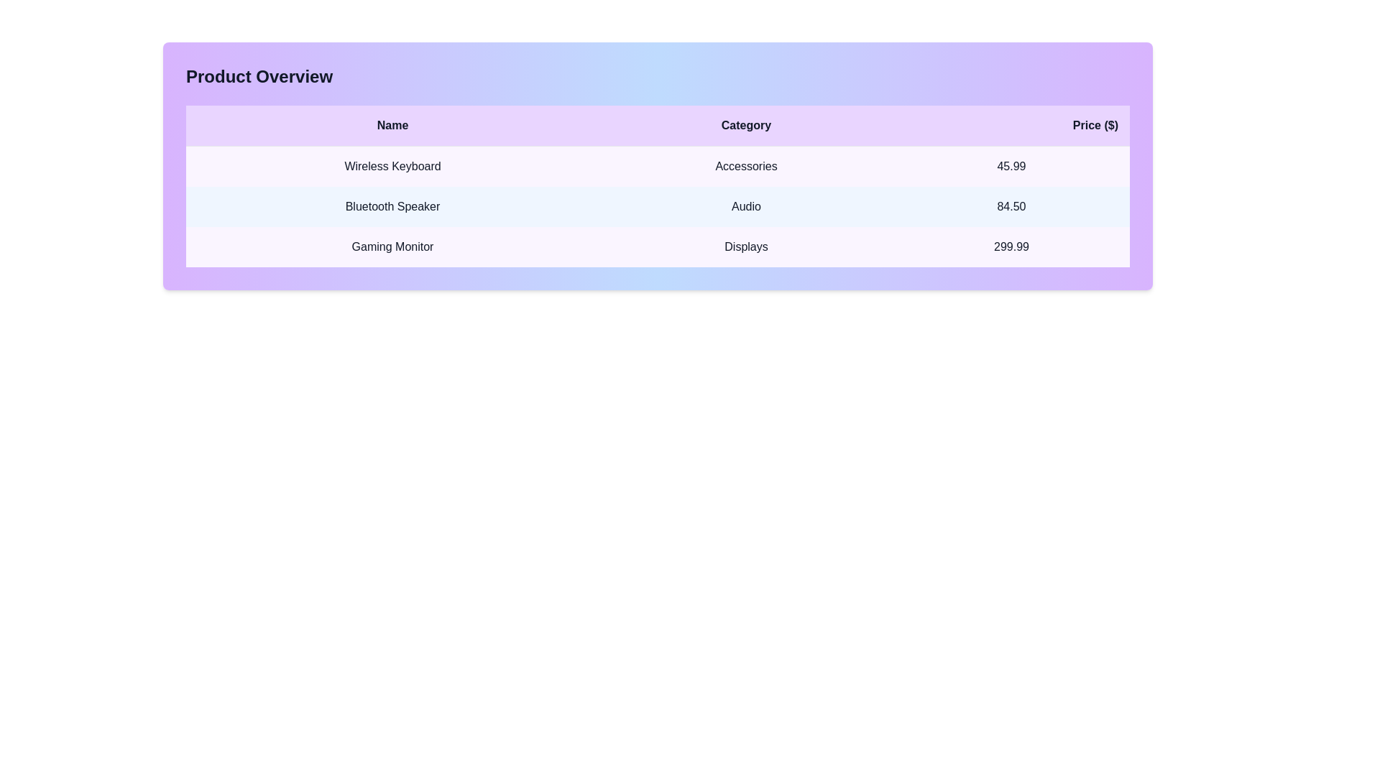 The width and height of the screenshot is (1380, 776). Describe the element at coordinates (657, 207) in the screenshot. I see `the second row of the table displaying the product information for 'Bluetooth Speaker', which includes its category 'Audio' and price '84.50'` at that location.